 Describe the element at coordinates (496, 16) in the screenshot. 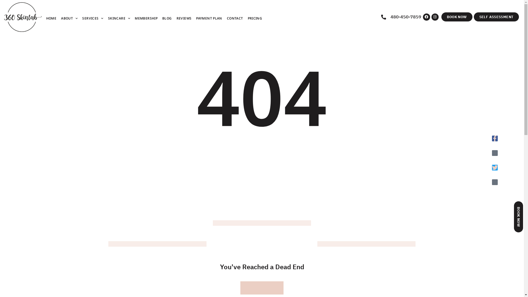

I see `'SELF ASSESSMENT'` at that location.